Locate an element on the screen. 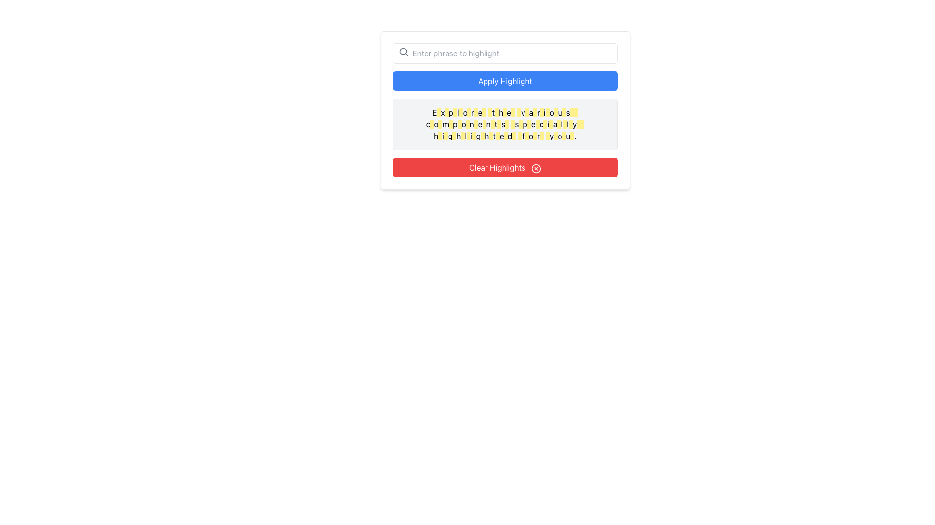 This screenshot has height=525, width=935. highlight element that visually emphasizes the word 'the' in the sentence is located at coordinates (505, 112).